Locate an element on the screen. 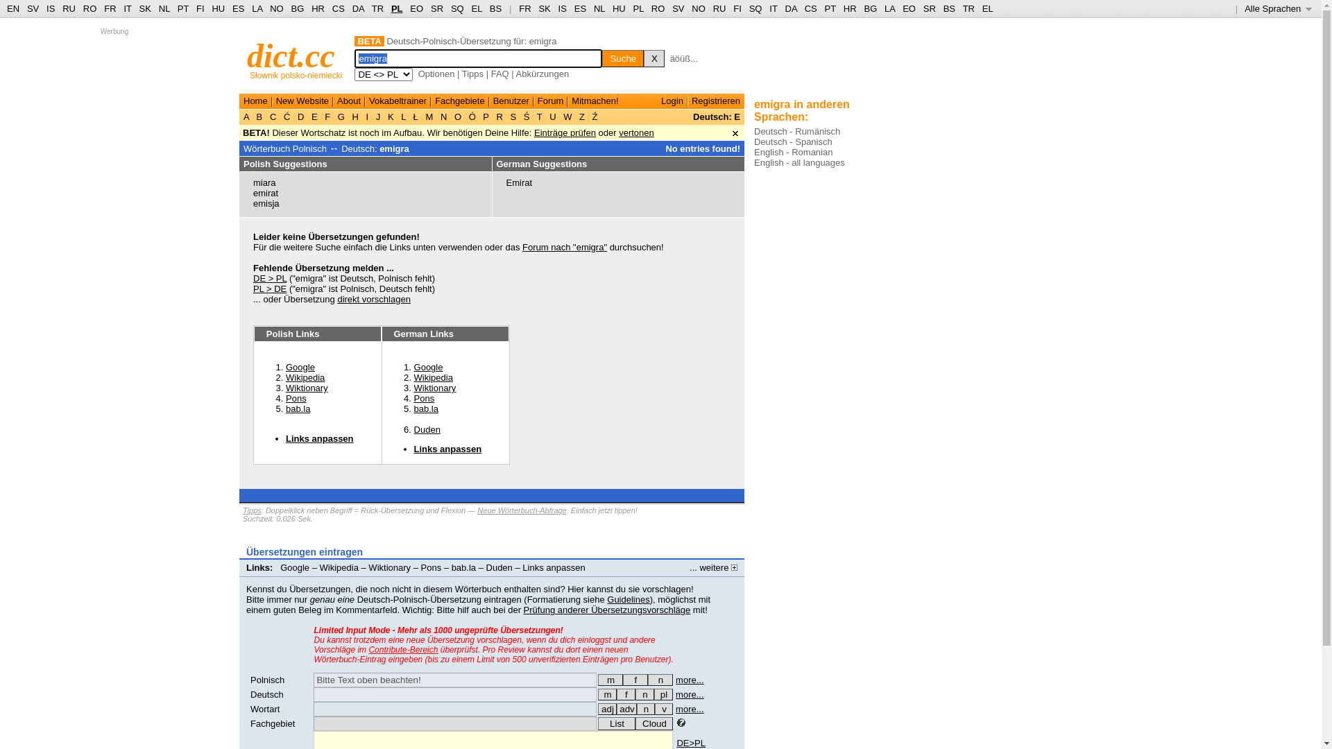  'IT' is located at coordinates (768, 8).